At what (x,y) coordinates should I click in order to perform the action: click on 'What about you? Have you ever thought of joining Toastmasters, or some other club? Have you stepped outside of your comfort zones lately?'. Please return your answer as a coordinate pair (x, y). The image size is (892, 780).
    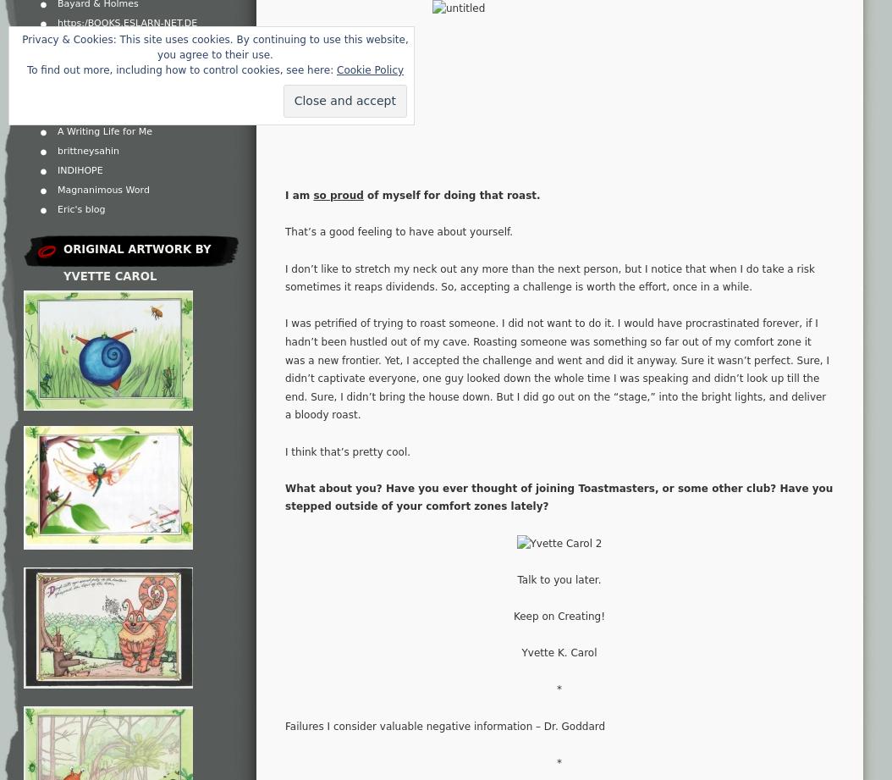
    Looking at the image, I should click on (559, 496).